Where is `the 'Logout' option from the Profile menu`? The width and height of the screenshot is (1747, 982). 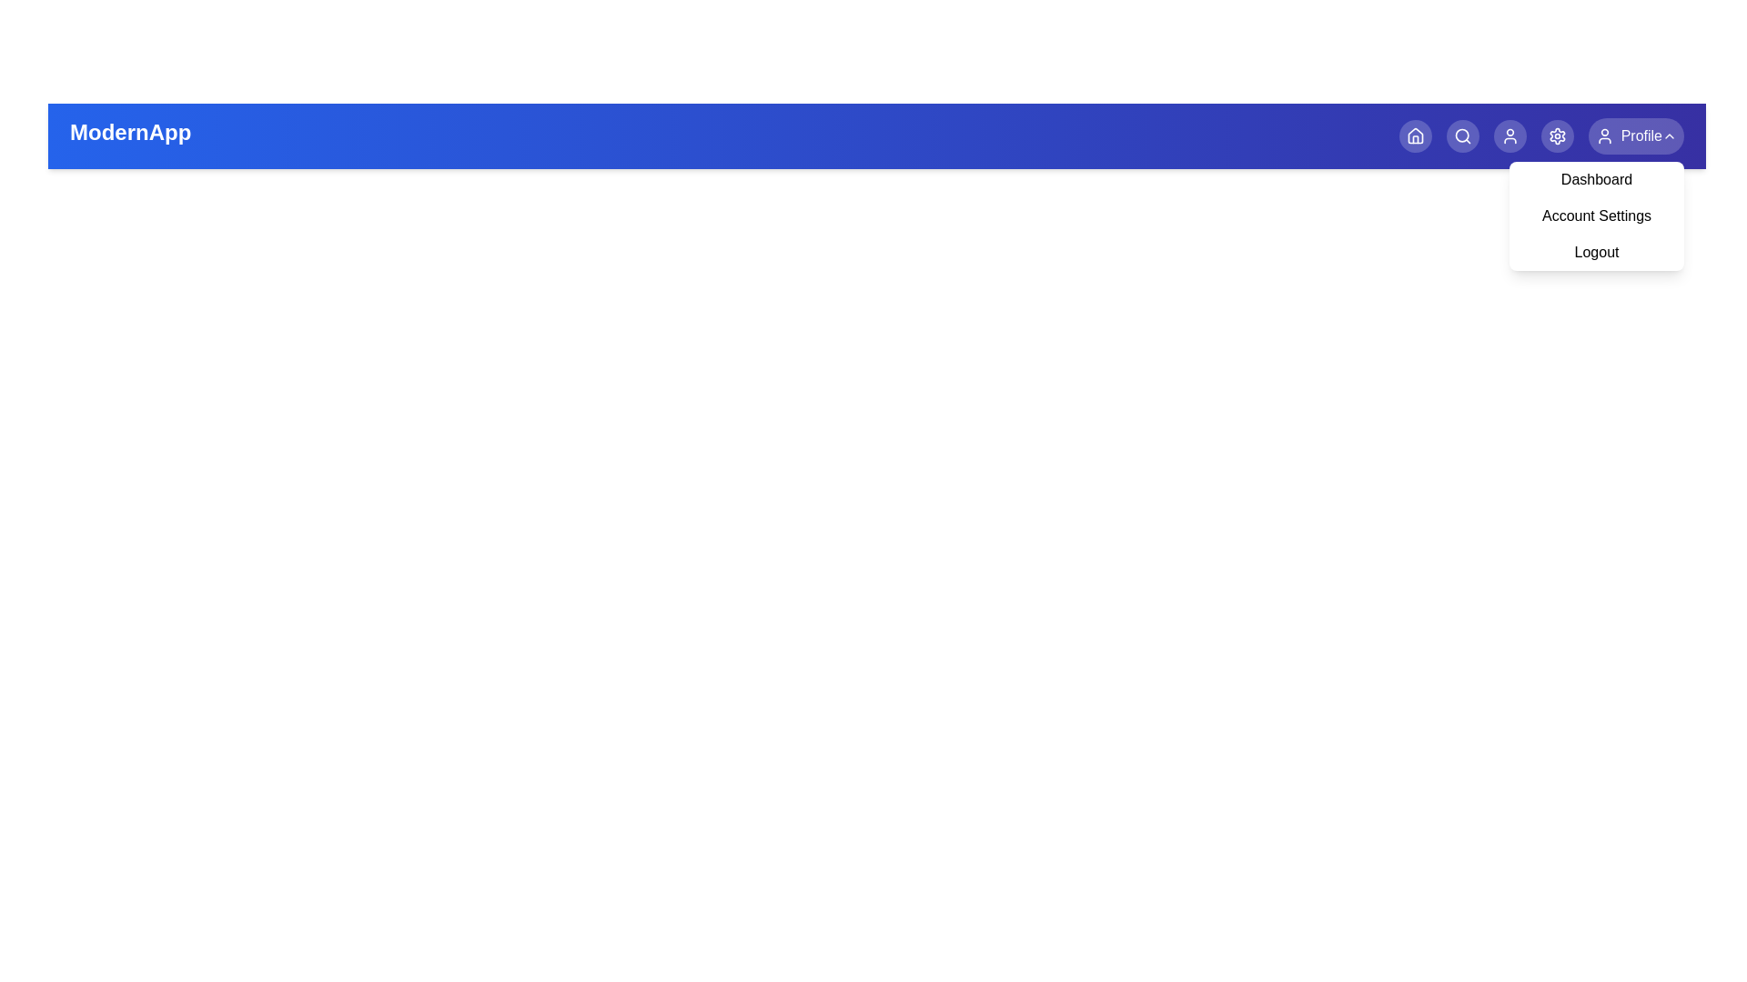 the 'Logout' option from the Profile menu is located at coordinates (1596, 252).